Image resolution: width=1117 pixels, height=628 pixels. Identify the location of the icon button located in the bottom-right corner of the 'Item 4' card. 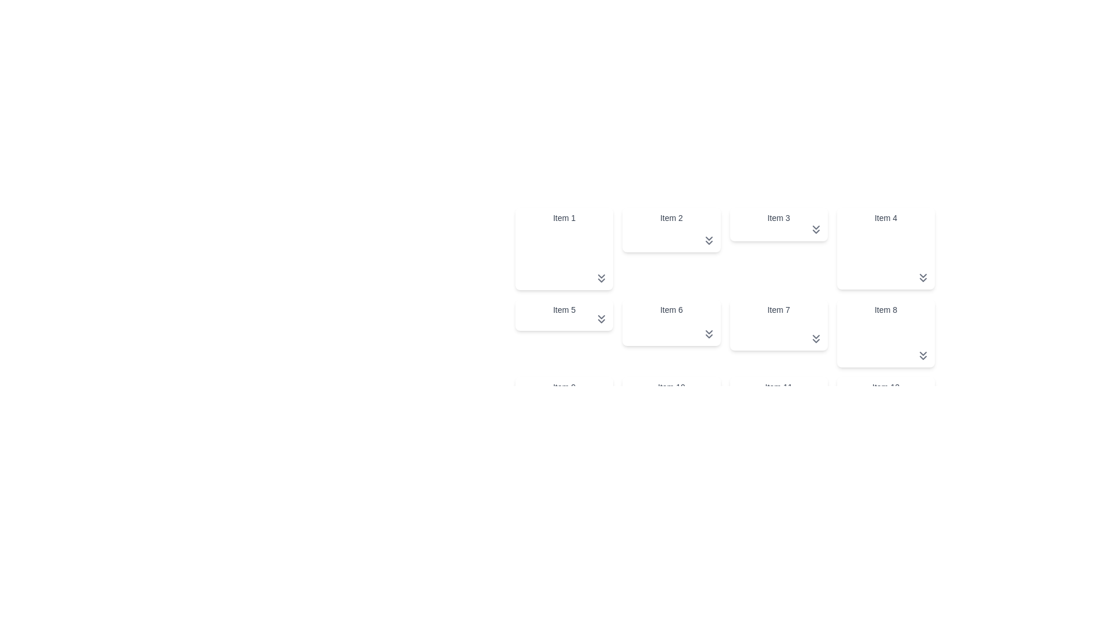
(923, 278).